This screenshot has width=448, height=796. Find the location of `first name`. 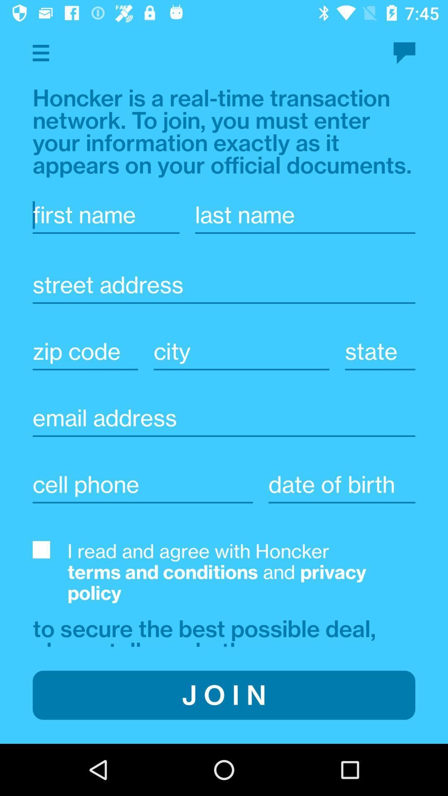

first name is located at coordinates (105, 215).